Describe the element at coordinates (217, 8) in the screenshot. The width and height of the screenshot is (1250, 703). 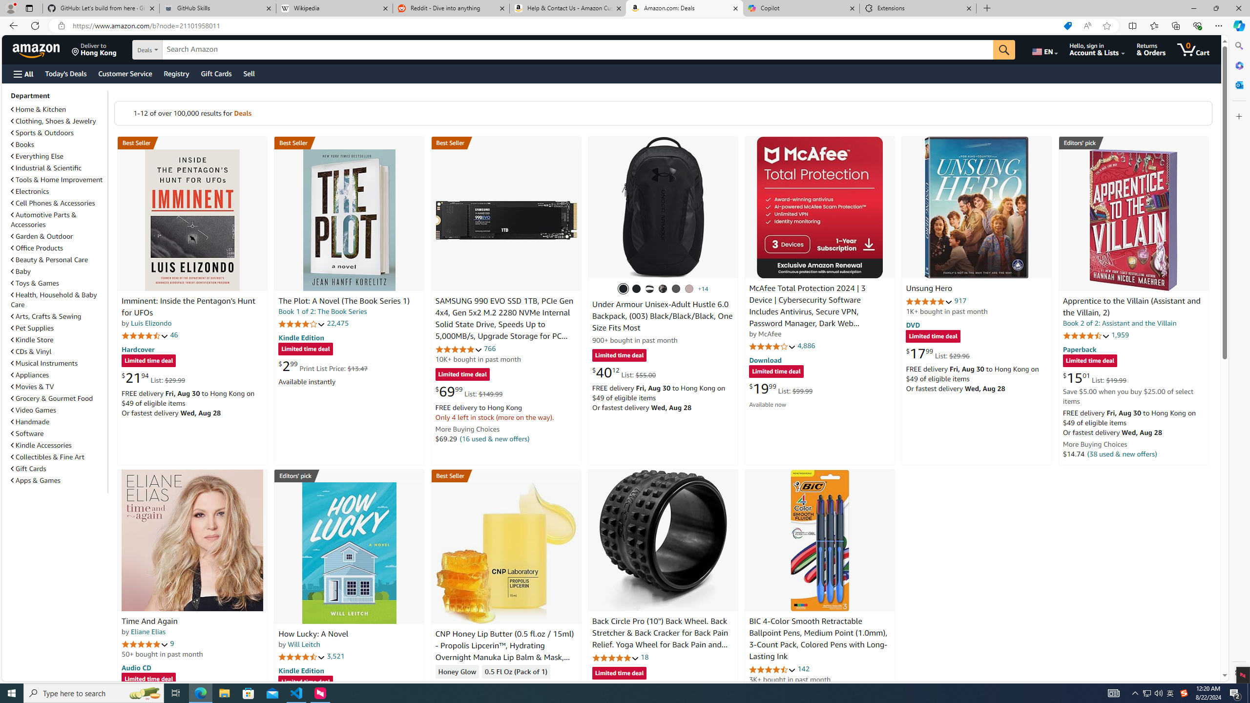
I see `'GitHub Skills'` at that location.